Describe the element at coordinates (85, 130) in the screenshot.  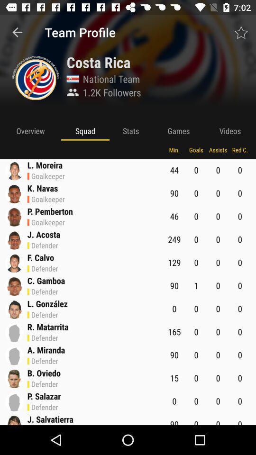
I see `app to the left of stats item` at that location.